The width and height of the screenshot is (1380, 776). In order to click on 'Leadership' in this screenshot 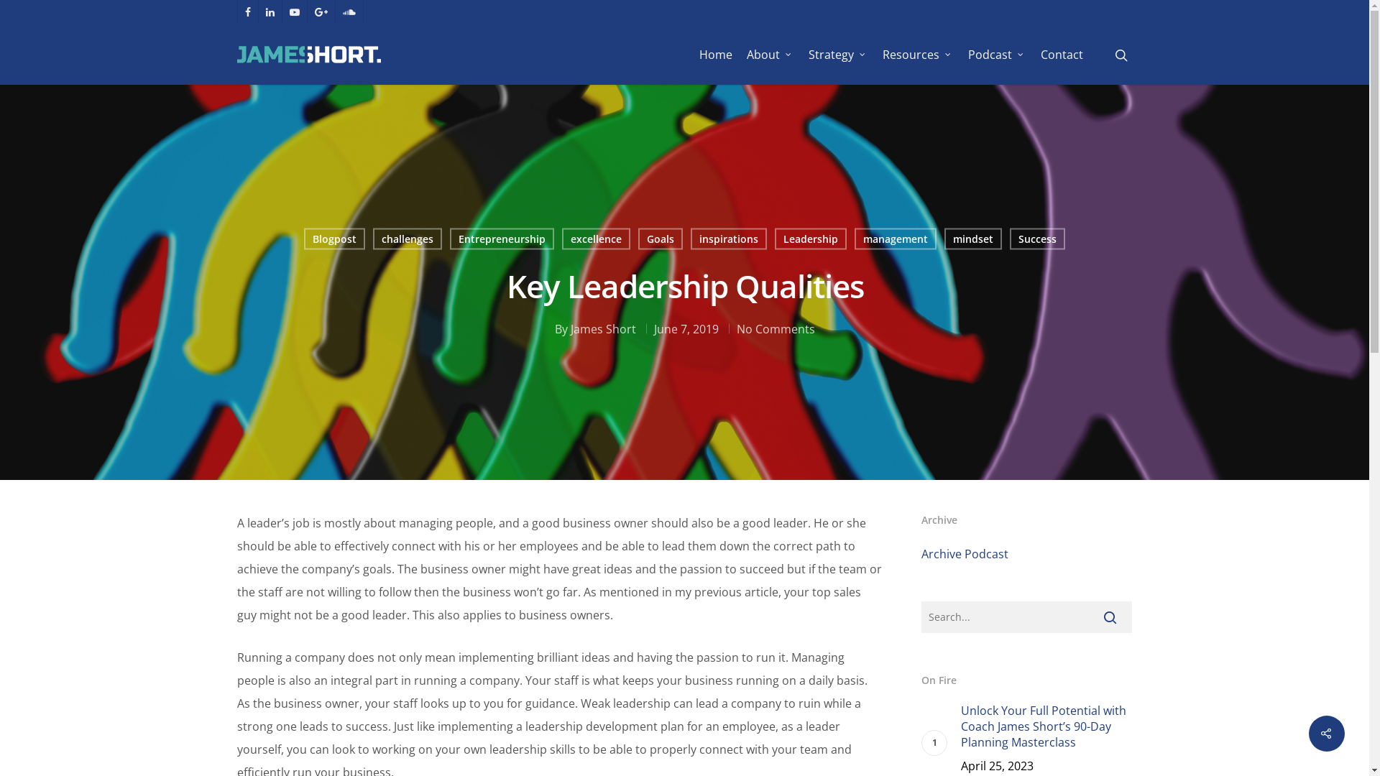, I will do `click(811, 238)`.